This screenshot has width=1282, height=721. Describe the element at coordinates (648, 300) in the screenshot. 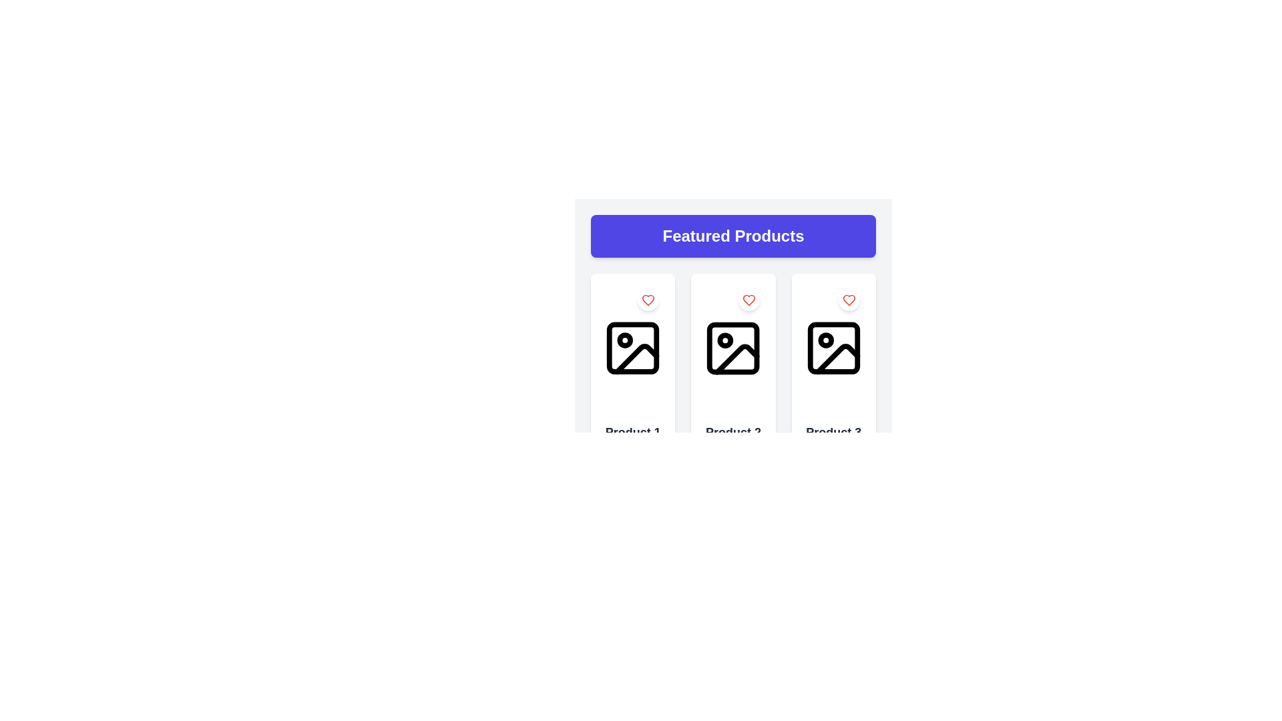

I see `the small, circular button with a white background and a red heart icon located in the top-right corner of the first product card under the 'Featured Products' section` at that location.